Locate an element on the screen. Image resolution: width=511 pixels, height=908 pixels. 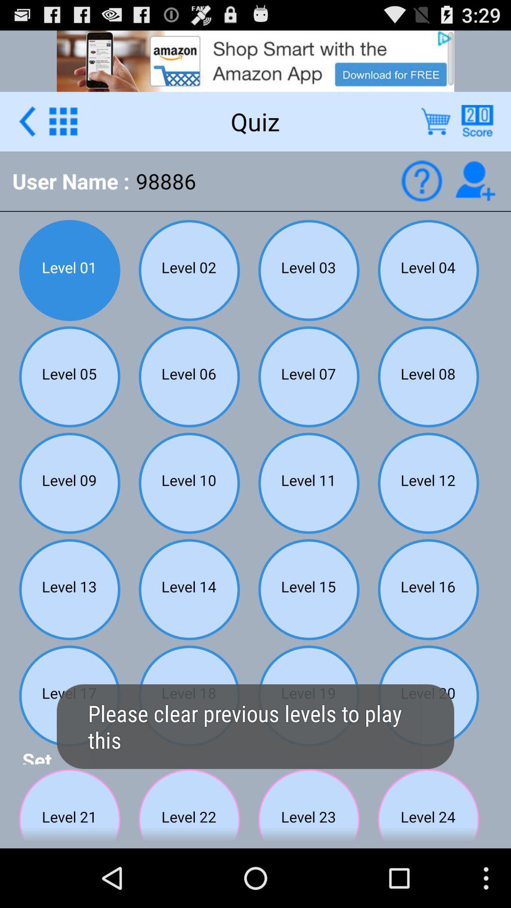
share the article is located at coordinates (477, 121).